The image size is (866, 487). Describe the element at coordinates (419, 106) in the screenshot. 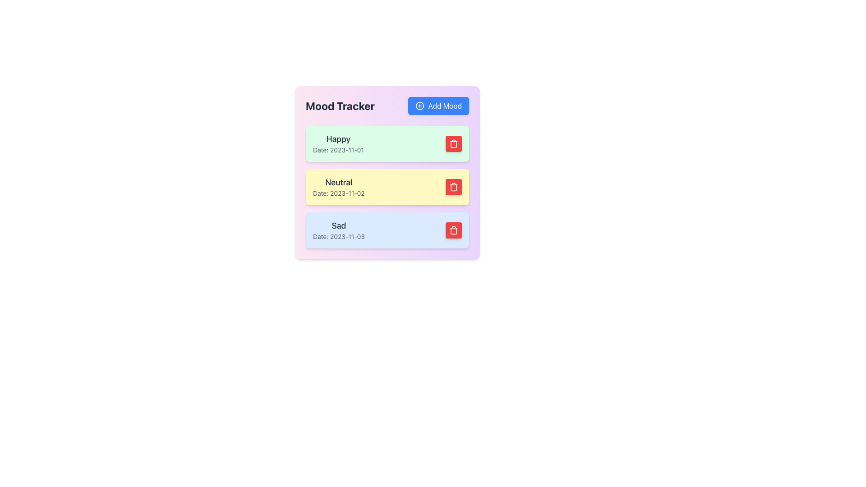

I see `the circle element that is part of the 'Add Mood' button located in the top-right corner of the card interface` at that location.